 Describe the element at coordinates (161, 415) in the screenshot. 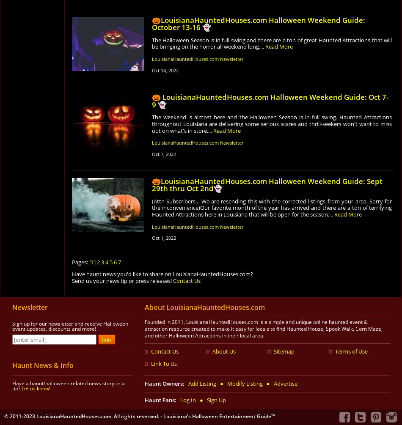

I see `'-'` at that location.